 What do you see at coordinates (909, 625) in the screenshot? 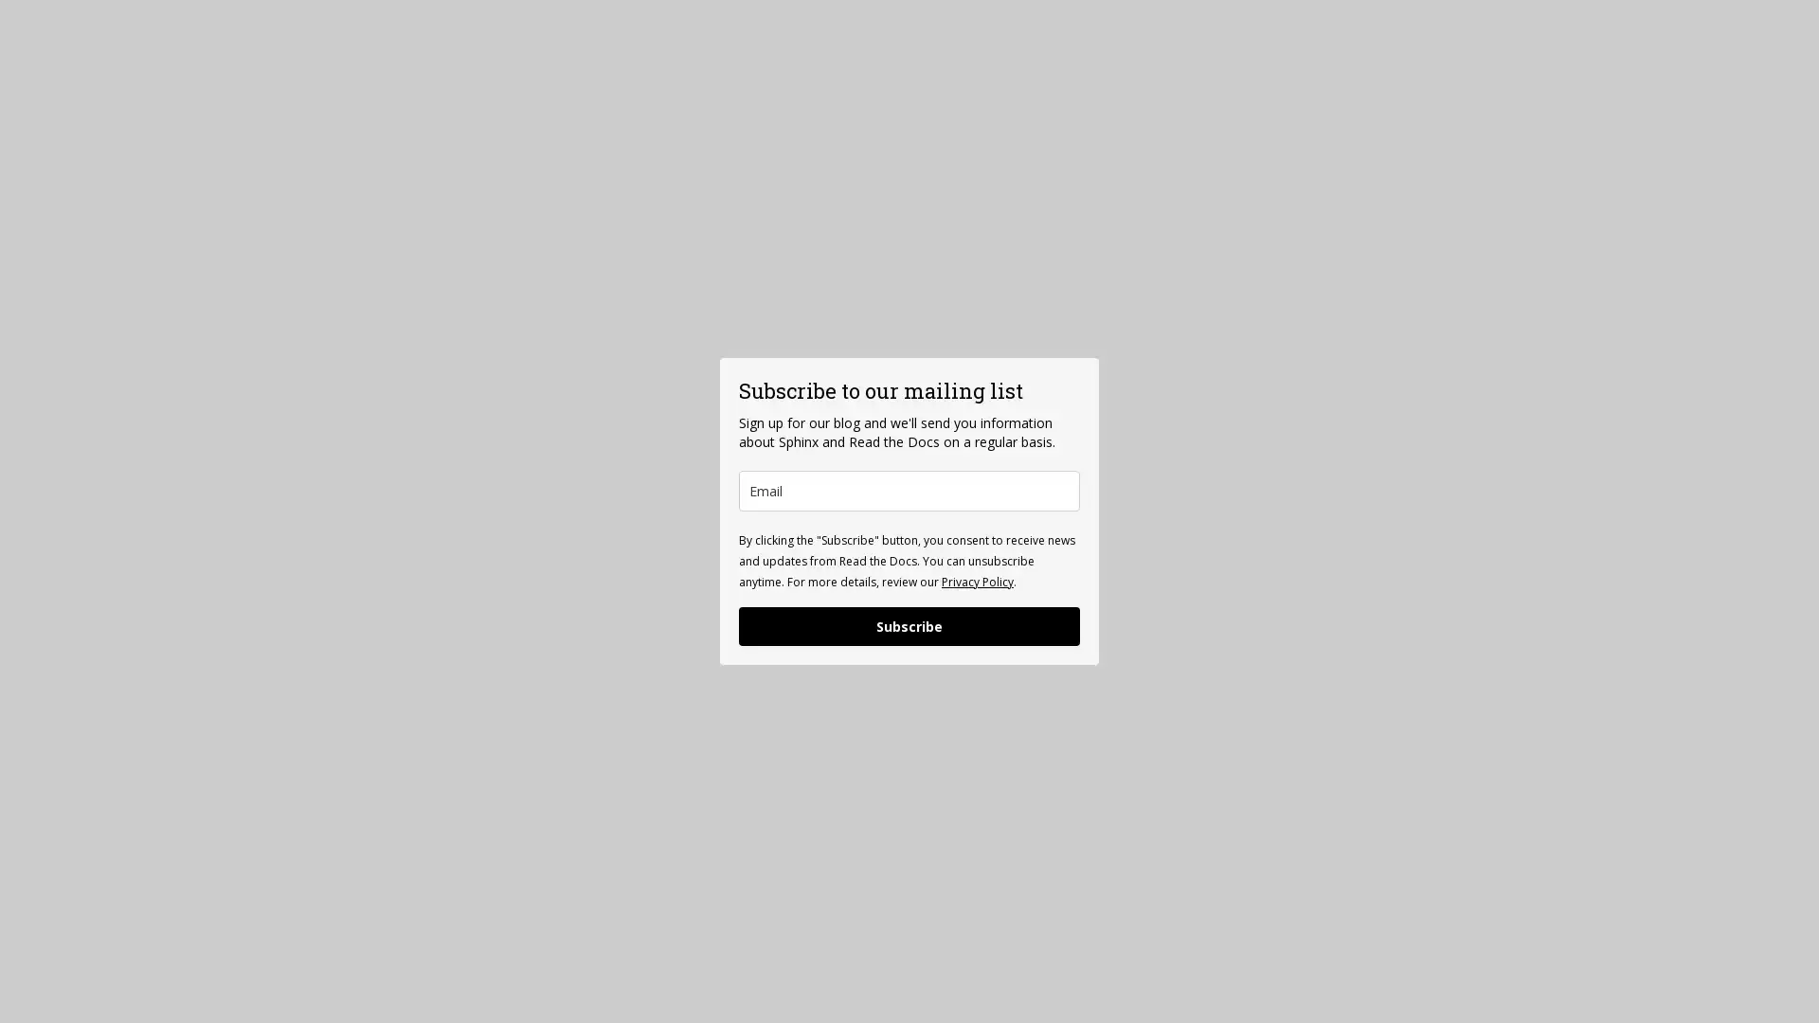
I see `Subscribe` at bounding box center [909, 625].